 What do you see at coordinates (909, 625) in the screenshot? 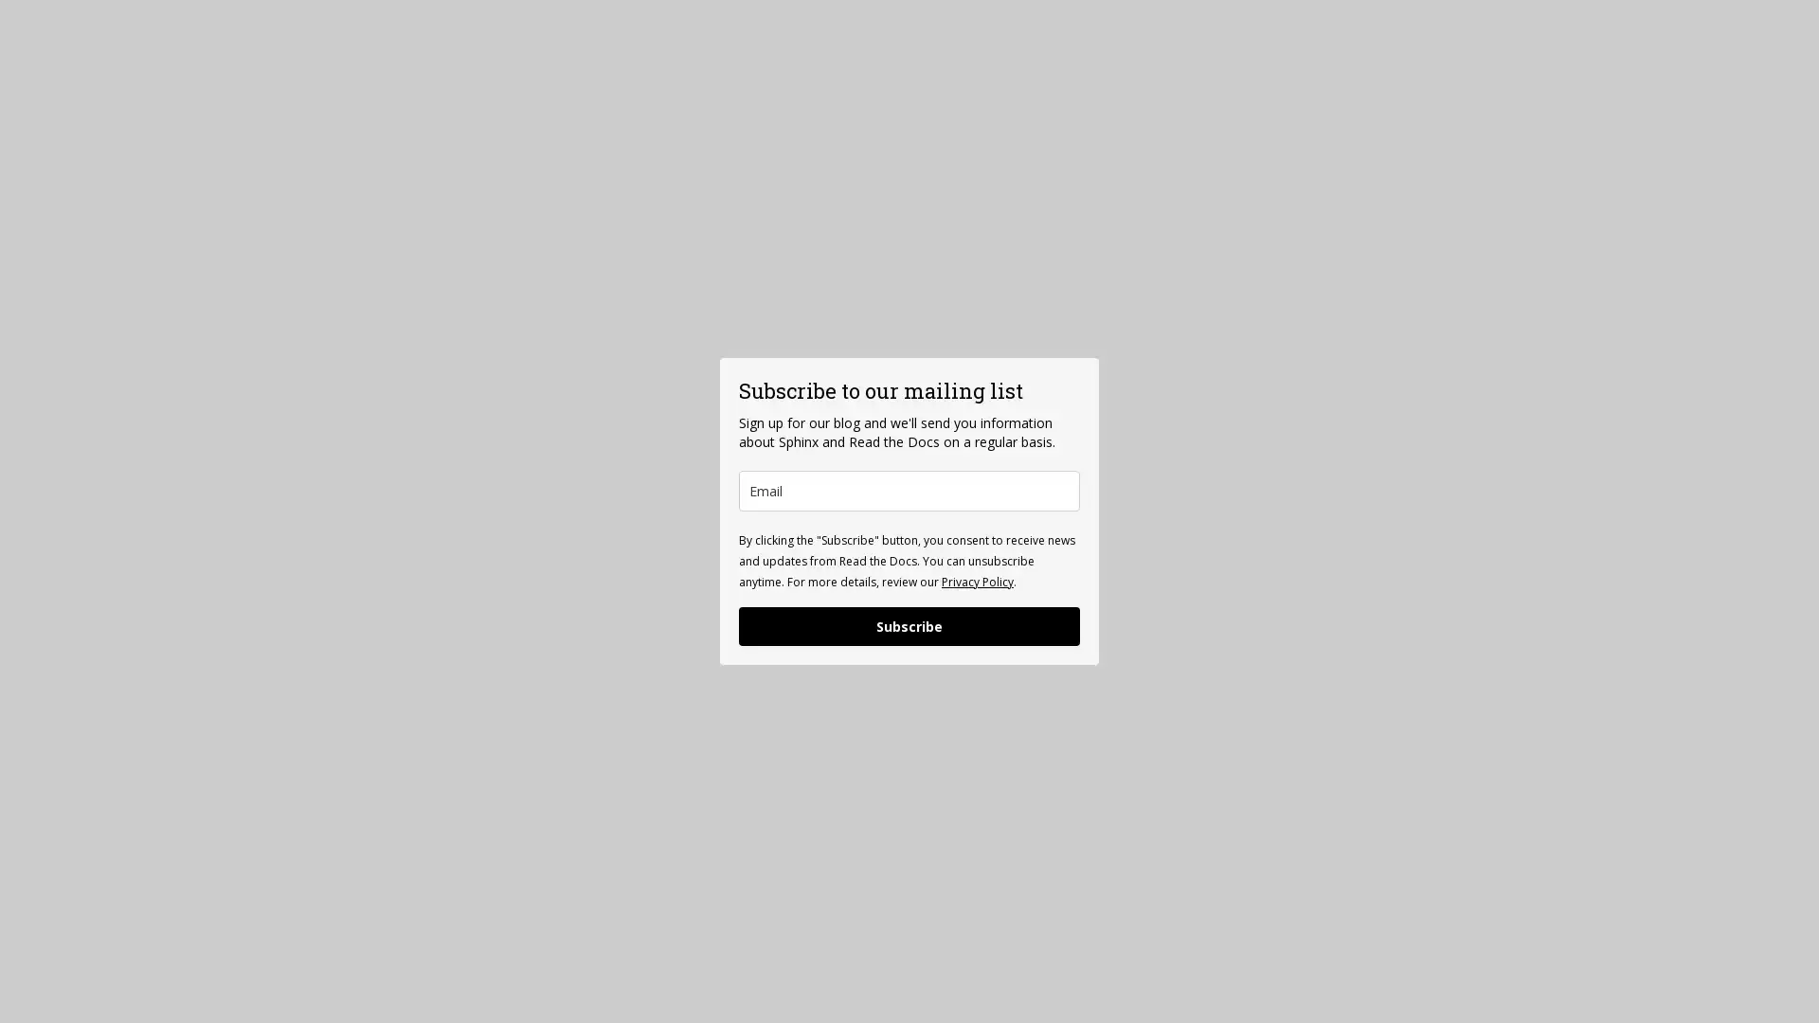
I see `Subscribe` at bounding box center [909, 625].